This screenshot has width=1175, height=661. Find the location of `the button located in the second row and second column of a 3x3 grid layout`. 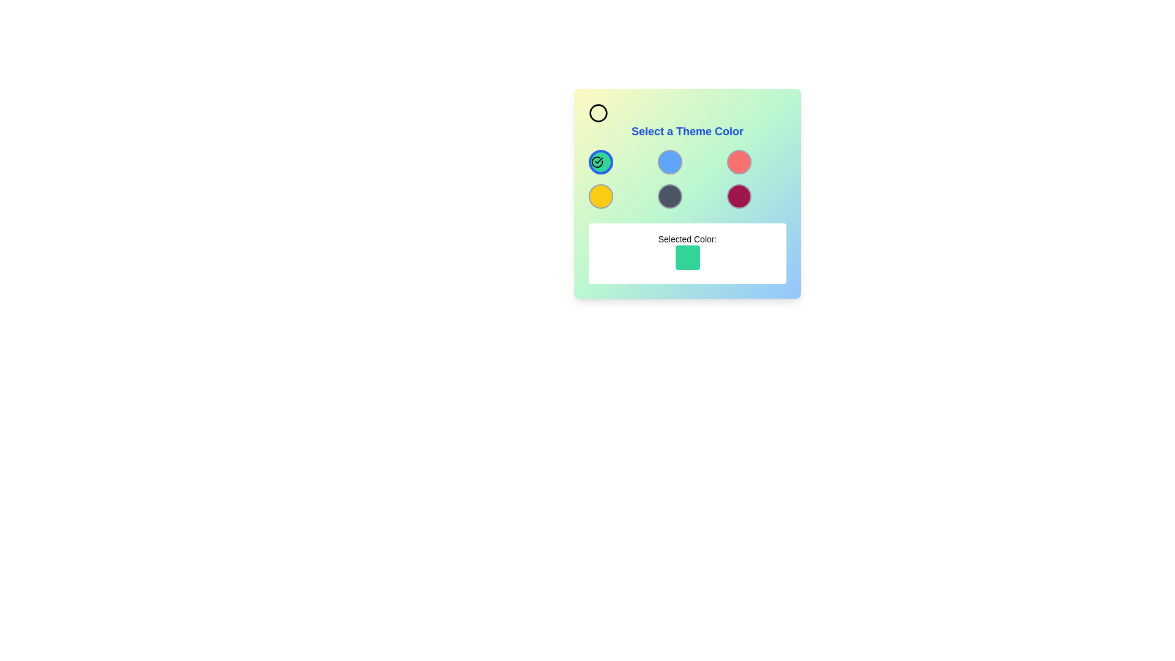

the button located in the second row and second column of a 3x3 grid layout is located at coordinates (669, 195).